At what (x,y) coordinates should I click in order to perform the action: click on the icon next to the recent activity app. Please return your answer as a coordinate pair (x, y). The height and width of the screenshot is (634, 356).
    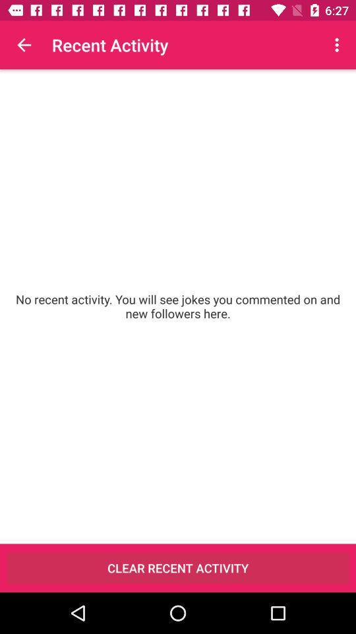
    Looking at the image, I should click on (338, 45).